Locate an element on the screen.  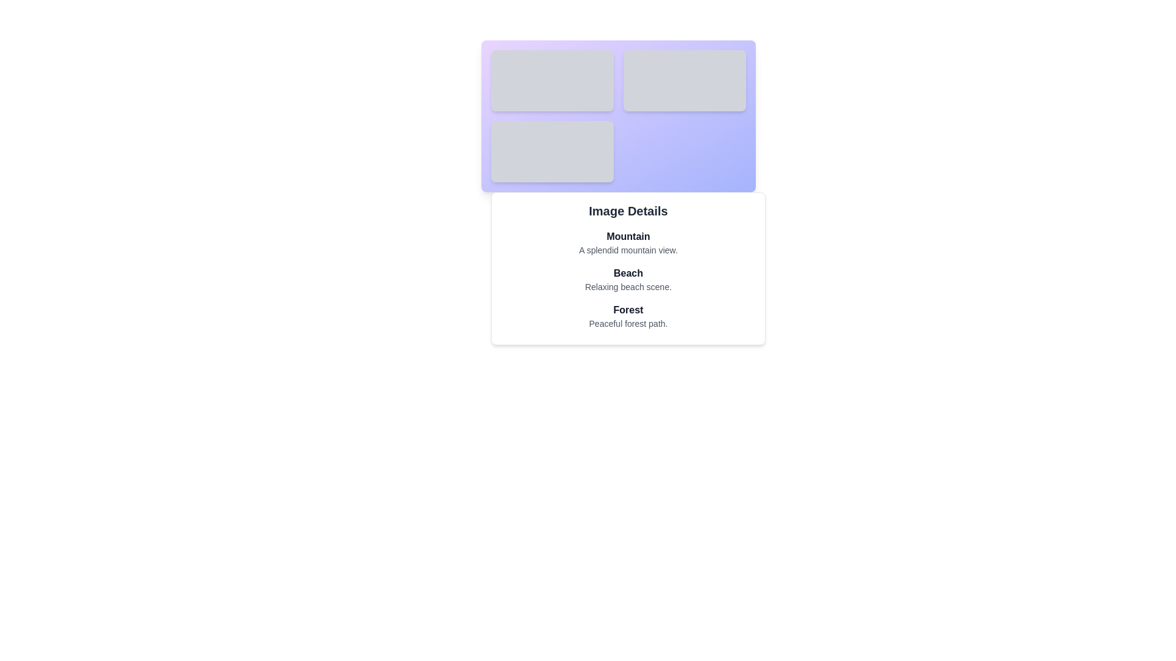
the interactive panel element, which is a rounded rectangle, light gray in color, located in the upper left corner of the grid layout is located at coordinates (552, 80).